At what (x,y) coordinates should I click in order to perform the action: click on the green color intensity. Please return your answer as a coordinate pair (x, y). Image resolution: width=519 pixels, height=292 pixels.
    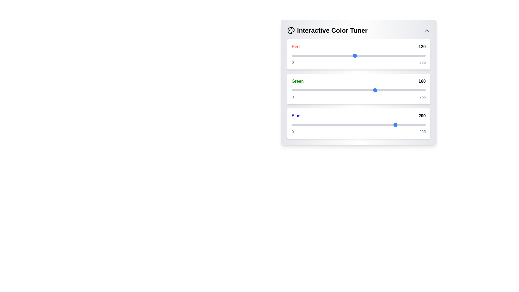
    Looking at the image, I should click on (339, 90).